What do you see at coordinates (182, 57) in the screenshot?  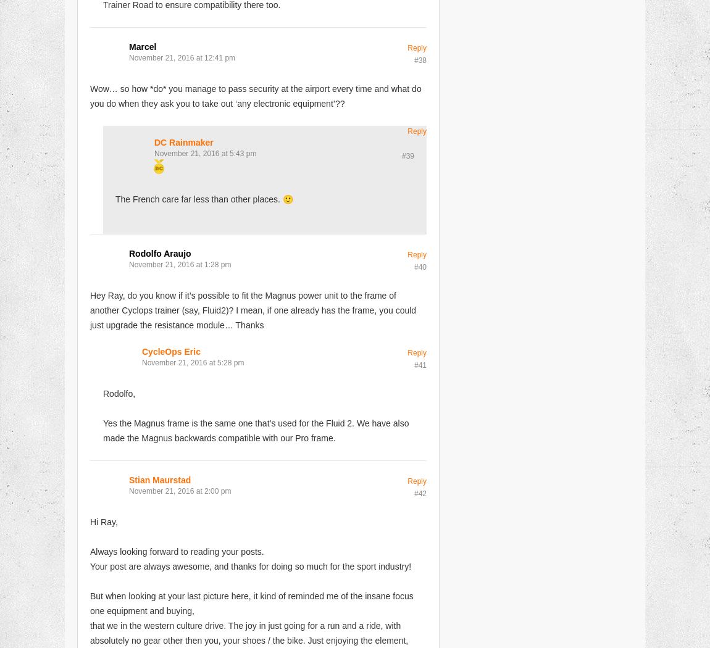 I see `'November 21, 2016 at 12:41 pm'` at bounding box center [182, 57].